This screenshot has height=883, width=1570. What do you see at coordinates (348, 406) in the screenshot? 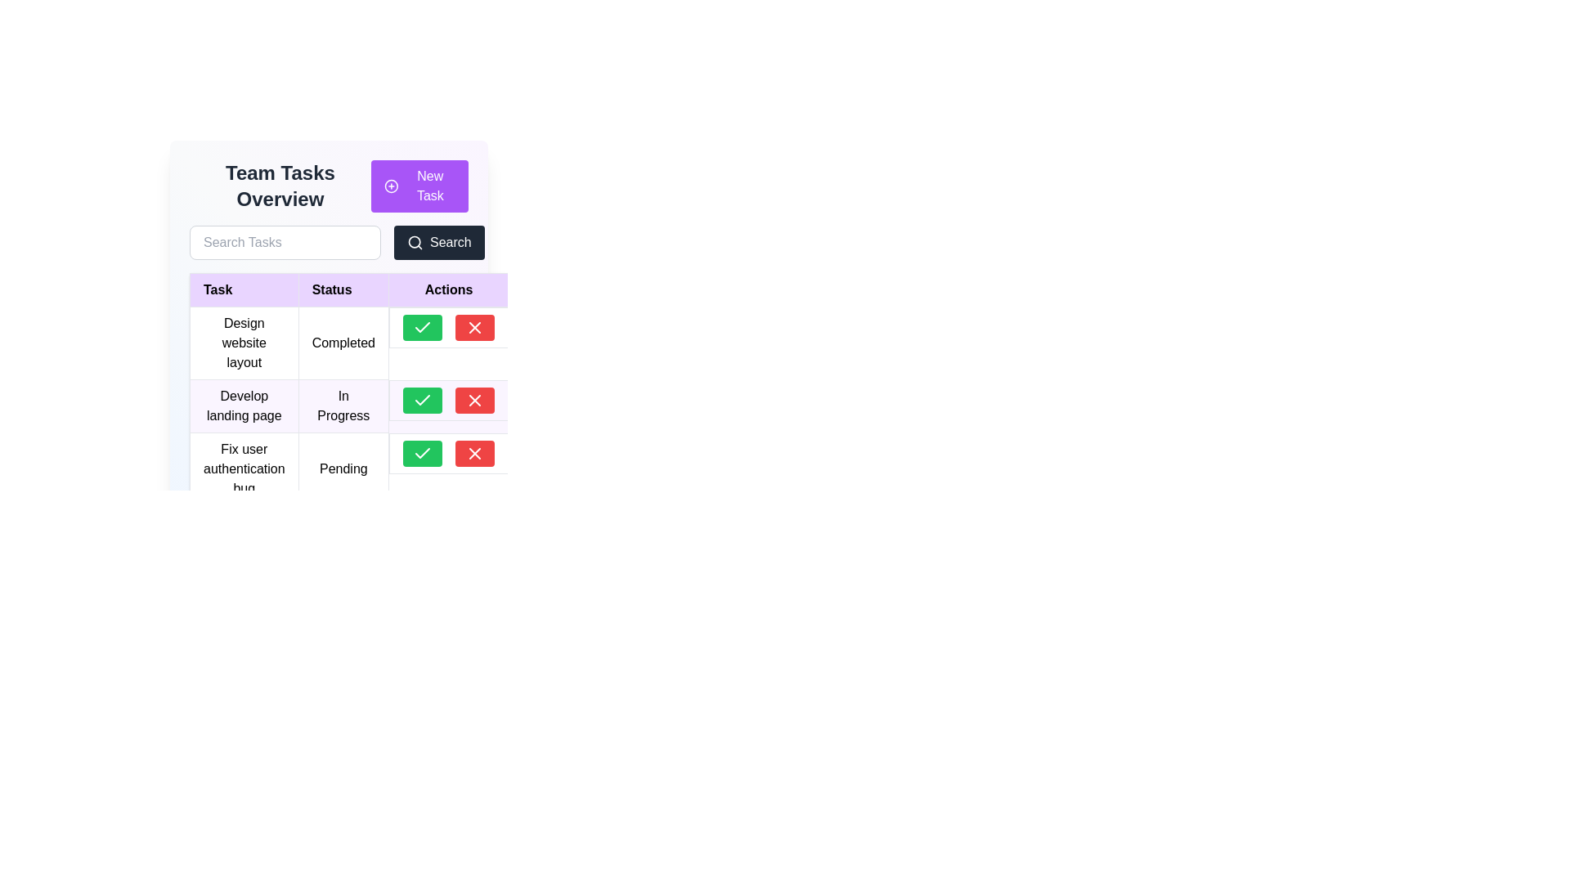
I see `the status text label in the second row of the table that indicates the current status of the task 'Develop landing page'` at bounding box center [348, 406].